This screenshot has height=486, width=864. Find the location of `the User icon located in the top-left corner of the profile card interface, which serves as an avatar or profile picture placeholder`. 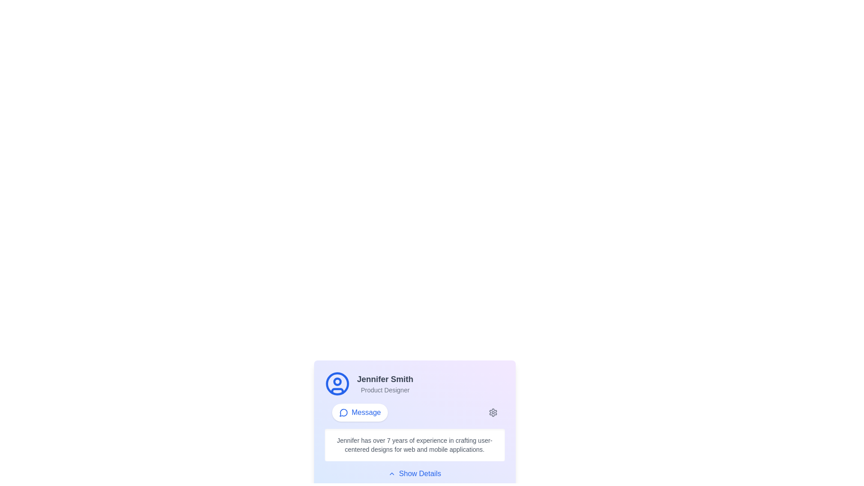

the User icon located in the top-left corner of the profile card interface, which serves as an avatar or profile picture placeholder is located at coordinates (337, 383).